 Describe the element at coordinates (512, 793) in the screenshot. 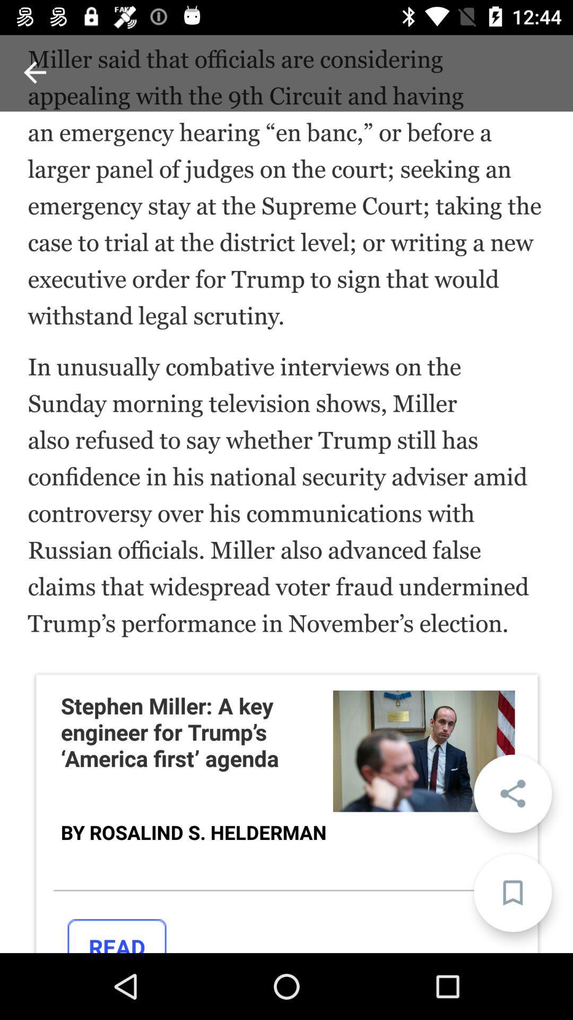

I see `the share icon` at that location.